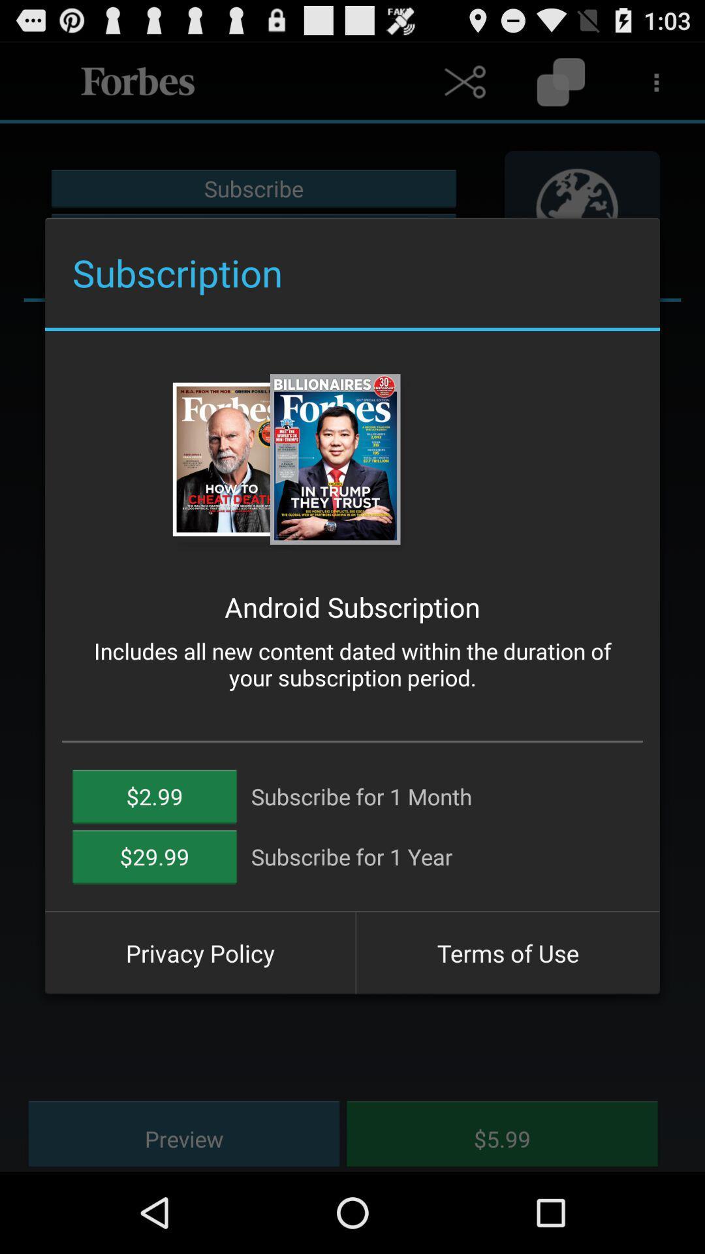 The height and width of the screenshot is (1254, 705). Describe the element at coordinates (507, 953) in the screenshot. I see `item below subscribe for 1 icon` at that location.